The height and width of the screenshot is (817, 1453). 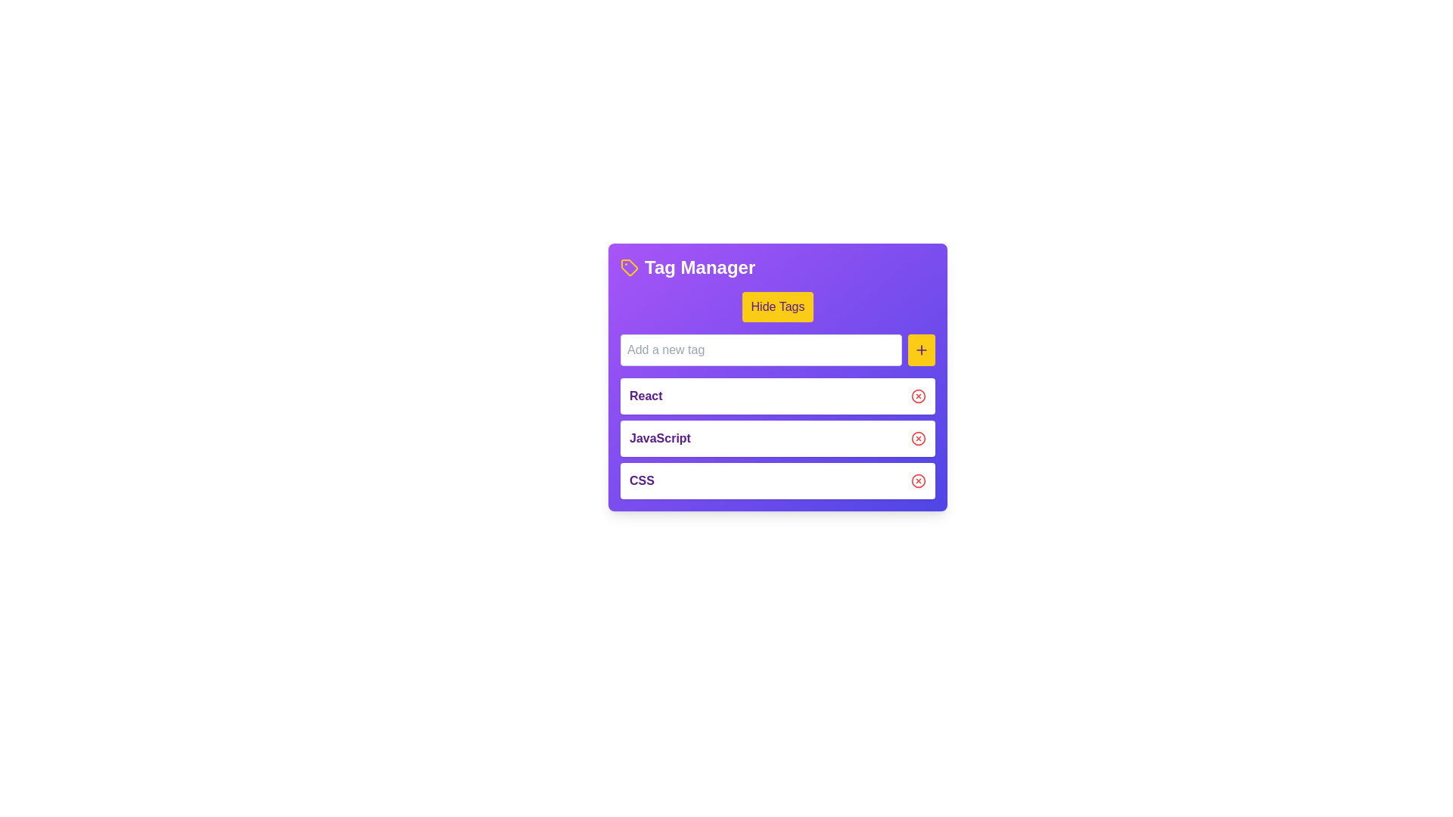 I want to click on the 'React' label text displayed in bold purple font, located in the first row of the list under the 'Tag Manager' pane, so click(x=646, y=396).